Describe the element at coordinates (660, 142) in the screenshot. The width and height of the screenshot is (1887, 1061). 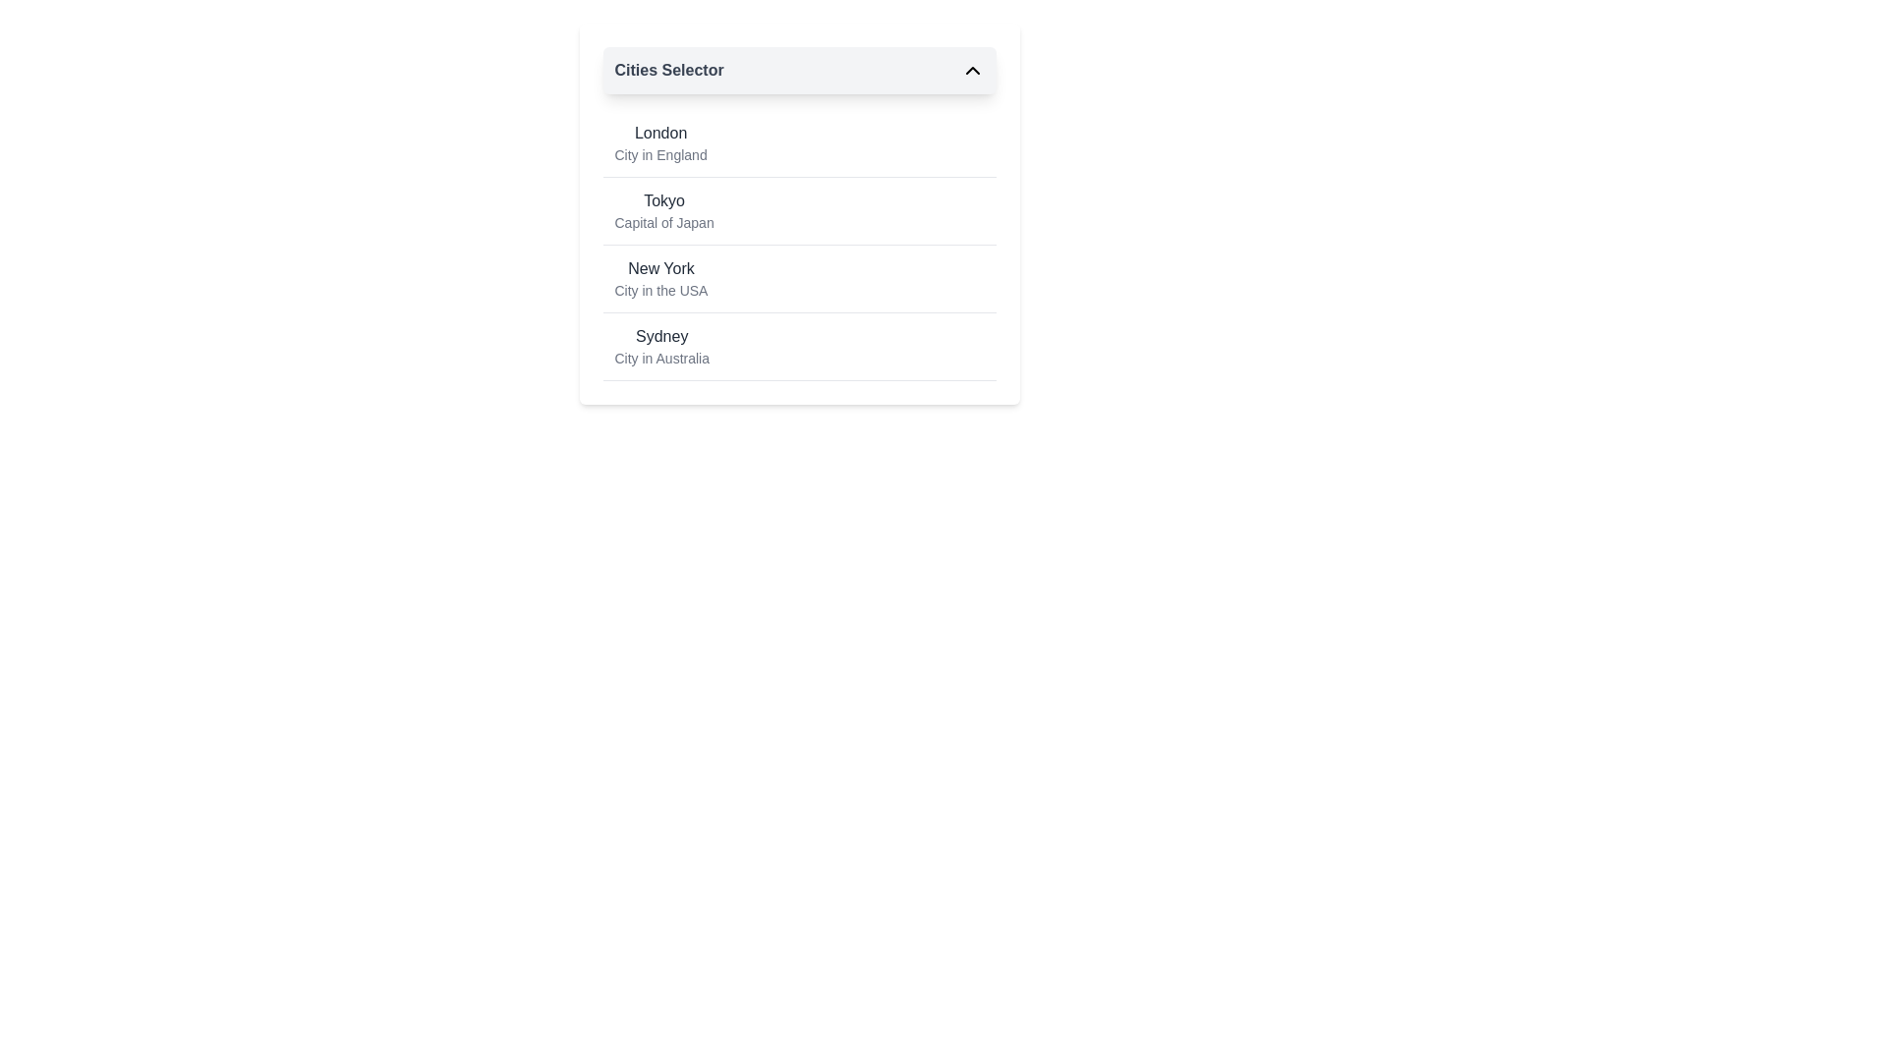
I see `the first entry in the 'Cities Selector' dropdown list to focus on the city 'London' using keyboard navigation` at that location.